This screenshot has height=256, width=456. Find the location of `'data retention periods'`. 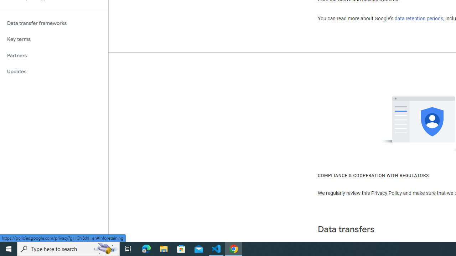

'data retention periods' is located at coordinates (419, 18).